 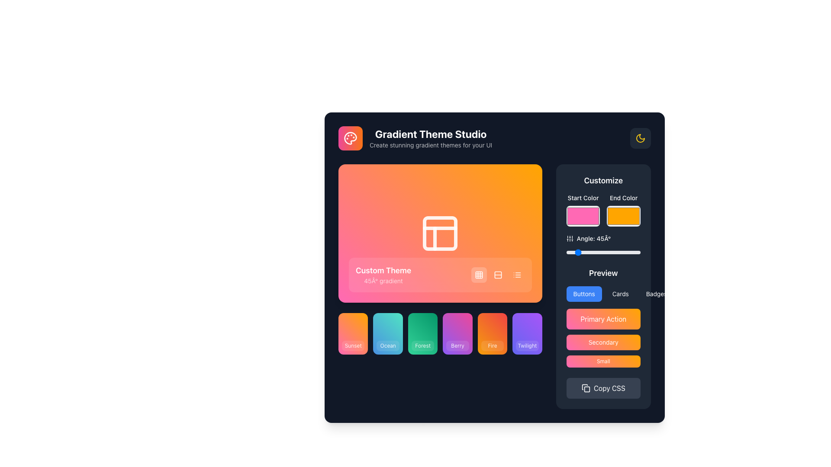 I want to click on the text label displaying 'Gradient Theme Studio', which is bold and white against a dark background, located in the top-left section of the interface, so click(x=431, y=134).